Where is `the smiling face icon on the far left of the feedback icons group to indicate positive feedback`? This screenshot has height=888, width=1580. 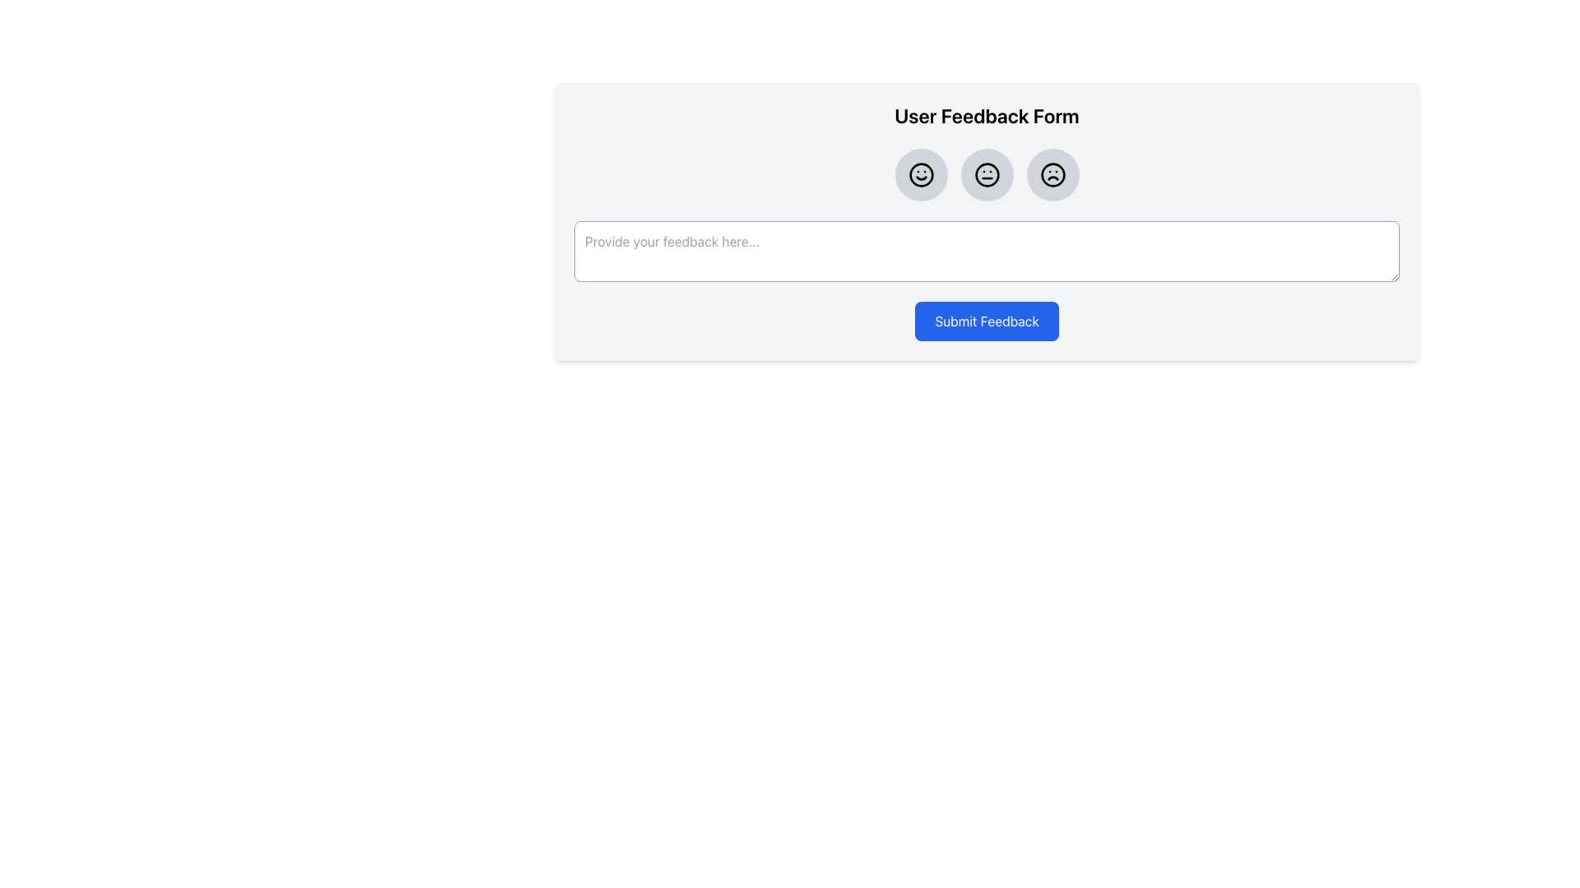 the smiling face icon on the far left of the feedback icons group to indicate positive feedback is located at coordinates (920, 174).